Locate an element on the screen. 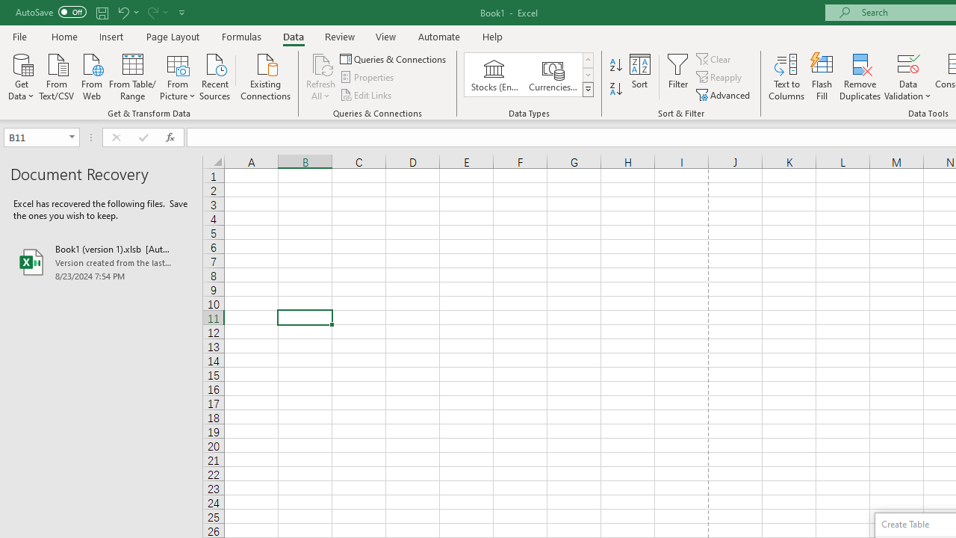 The image size is (956, 538). 'Advanced...' is located at coordinates (724, 95).